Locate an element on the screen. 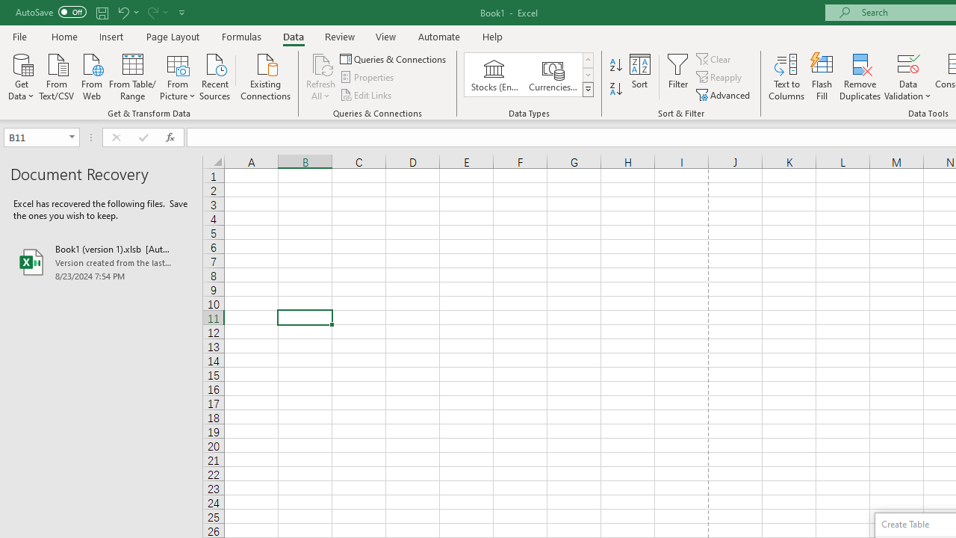 The image size is (956, 538). 'Advanced...' is located at coordinates (724, 95).